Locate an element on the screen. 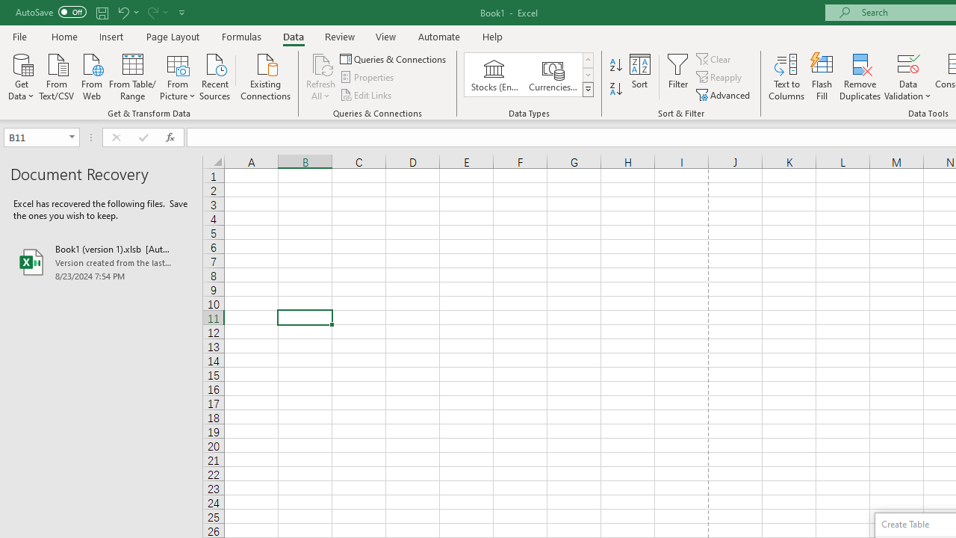 The image size is (956, 538). 'Advanced...' is located at coordinates (724, 95).